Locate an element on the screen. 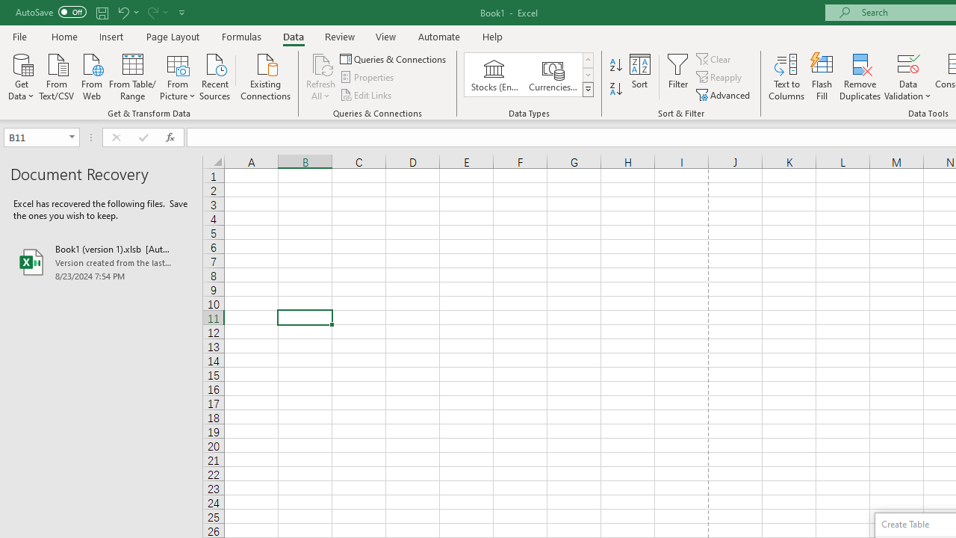 The image size is (956, 538). 'Advanced...' is located at coordinates (724, 95).